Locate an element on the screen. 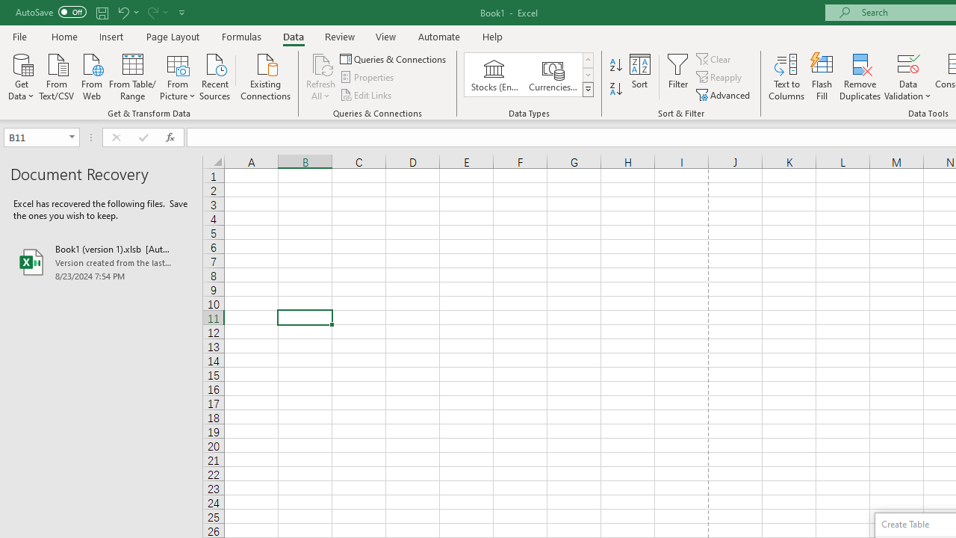 The image size is (956, 538). 'Advanced...' is located at coordinates (724, 95).